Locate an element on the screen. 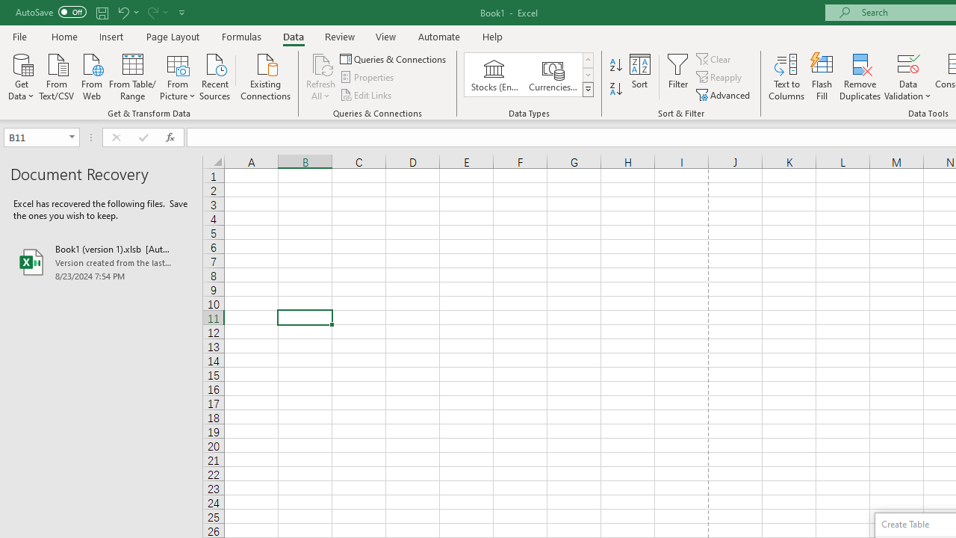 The image size is (956, 538). 'Advanced...' is located at coordinates (724, 95).